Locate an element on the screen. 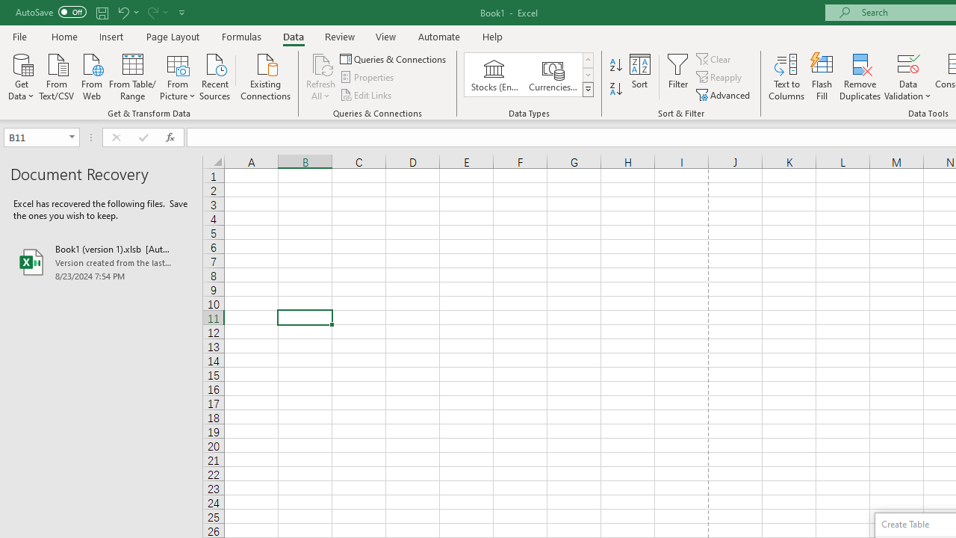 The image size is (956, 538). 'Advanced...' is located at coordinates (724, 95).